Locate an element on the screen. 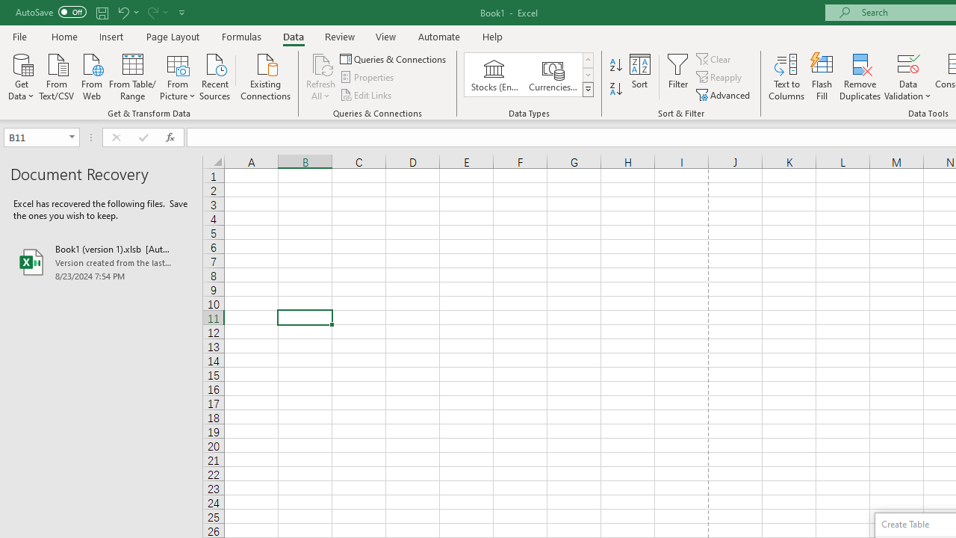 The image size is (956, 538). 'Advanced...' is located at coordinates (724, 95).